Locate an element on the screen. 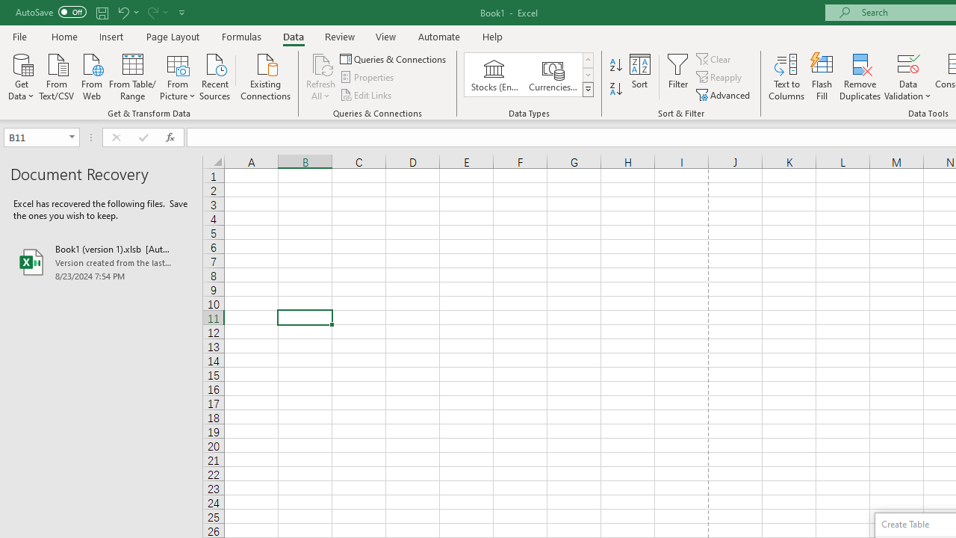 The image size is (956, 538). 'Advanced...' is located at coordinates (724, 95).